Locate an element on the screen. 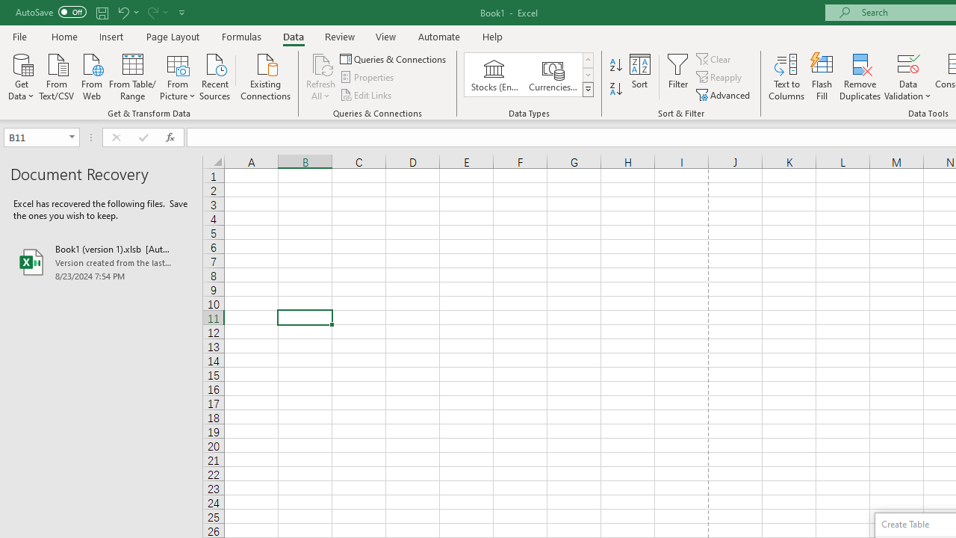 The image size is (956, 538). 'Advanced...' is located at coordinates (724, 95).